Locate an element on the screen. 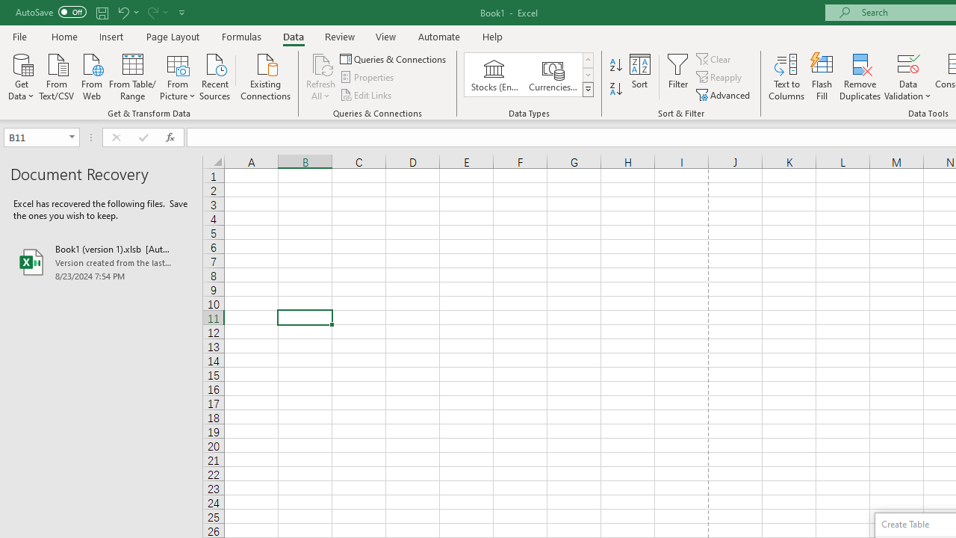 The image size is (956, 538). 'Advanced...' is located at coordinates (724, 95).